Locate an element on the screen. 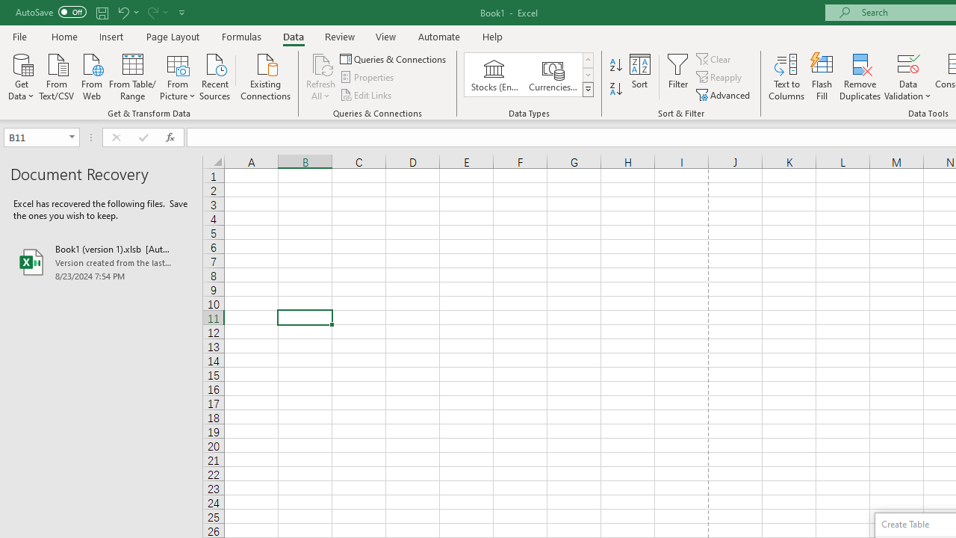 The image size is (956, 538). 'Advanced...' is located at coordinates (724, 95).